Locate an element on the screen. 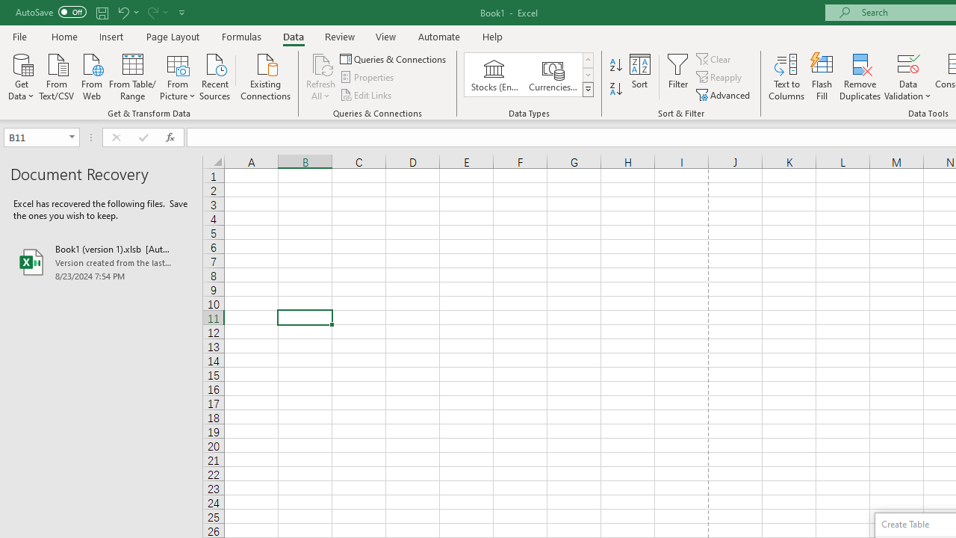 The image size is (956, 538). 'Advanced...' is located at coordinates (724, 95).